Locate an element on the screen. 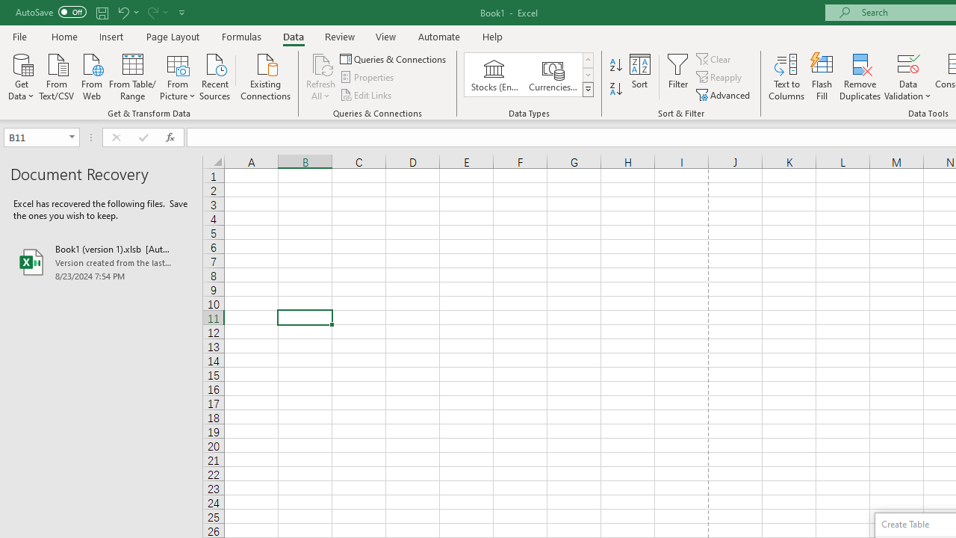 The image size is (956, 538). 'Advanced...' is located at coordinates (724, 95).